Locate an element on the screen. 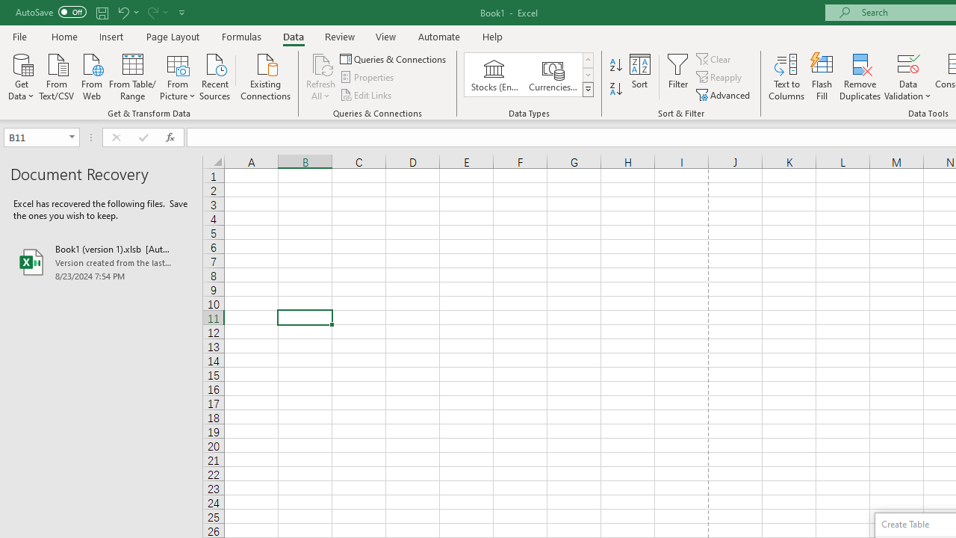 The image size is (956, 538). 'Advanced...' is located at coordinates (724, 95).